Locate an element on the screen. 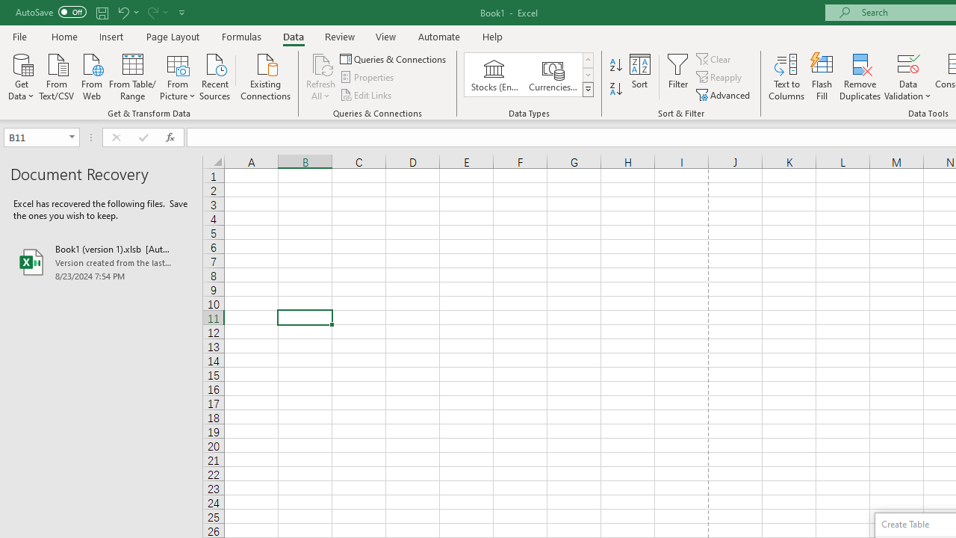 The image size is (956, 538). 'Advanced...' is located at coordinates (724, 95).